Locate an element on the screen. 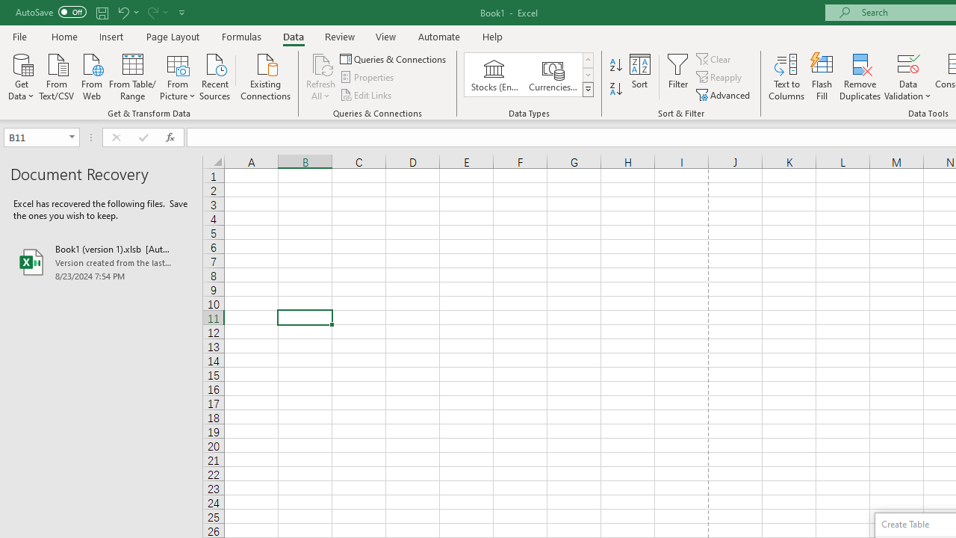 The image size is (956, 538). 'Advanced...' is located at coordinates (724, 95).